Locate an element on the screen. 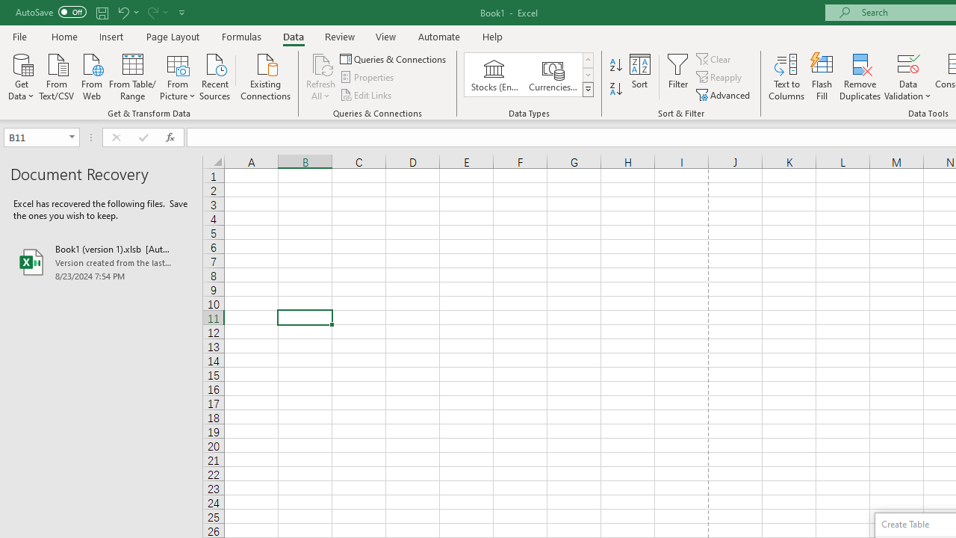 The image size is (956, 538). 'Advanced...' is located at coordinates (724, 95).